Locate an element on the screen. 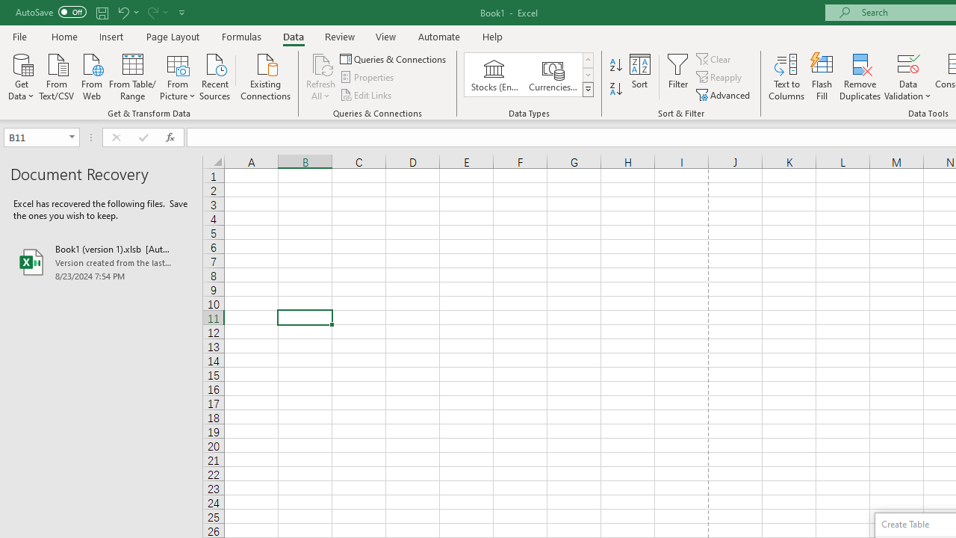 The image size is (956, 538). 'Advanced...' is located at coordinates (724, 95).